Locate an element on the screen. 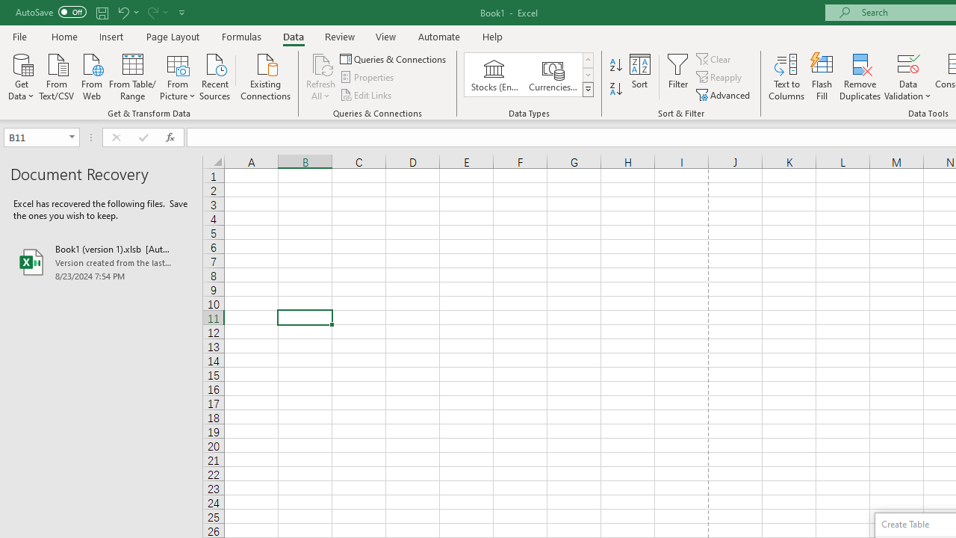 The image size is (956, 538). 'Advanced...' is located at coordinates (724, 95).